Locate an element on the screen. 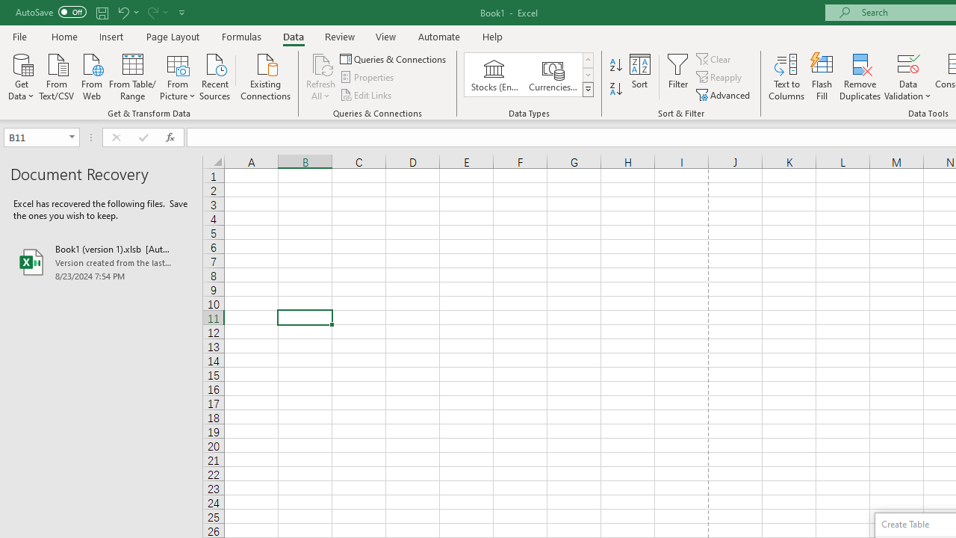 The image size is (956, 538). 'Advanced...' is located at coordinates (724, 95).